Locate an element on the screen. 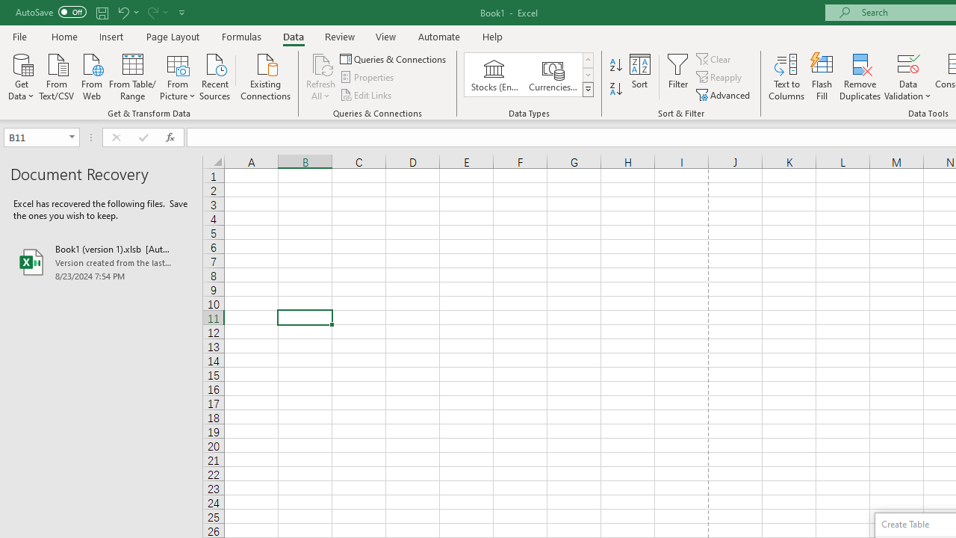 The image size is (956, 538). 'Advanced...' is located at coordinates (724, 95).